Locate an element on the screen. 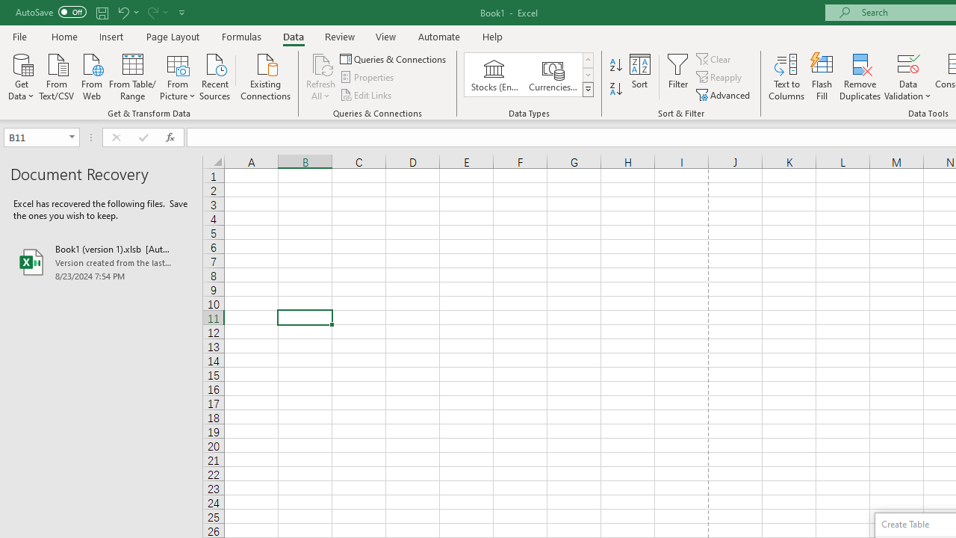 The image size is (956, 538). 'Advanced...' is located at coordinates (724, 95).